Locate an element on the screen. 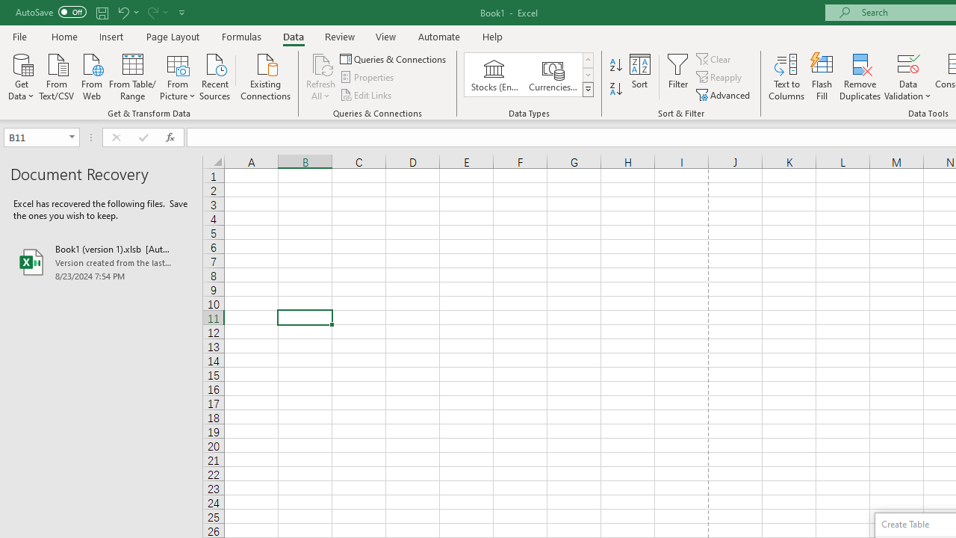 The image size is (956, 538). 'Advanced...' is located at coordinates (724, 95).